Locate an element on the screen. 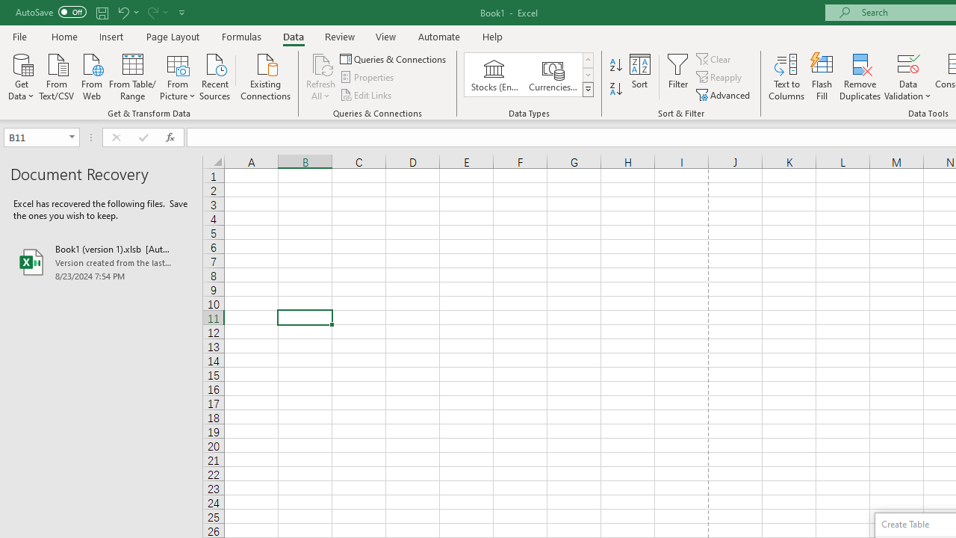 The image size is (956, 538). 'Advanced...' is located at coordinates (724, 95).